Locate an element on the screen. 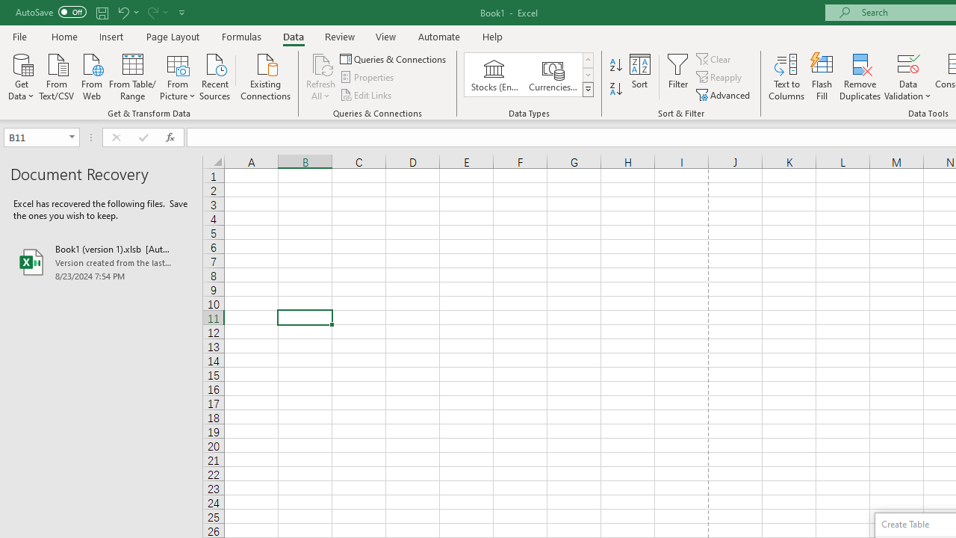 The image size is (956, 538). 'Advanced...' is located at coordinates (724, 95).